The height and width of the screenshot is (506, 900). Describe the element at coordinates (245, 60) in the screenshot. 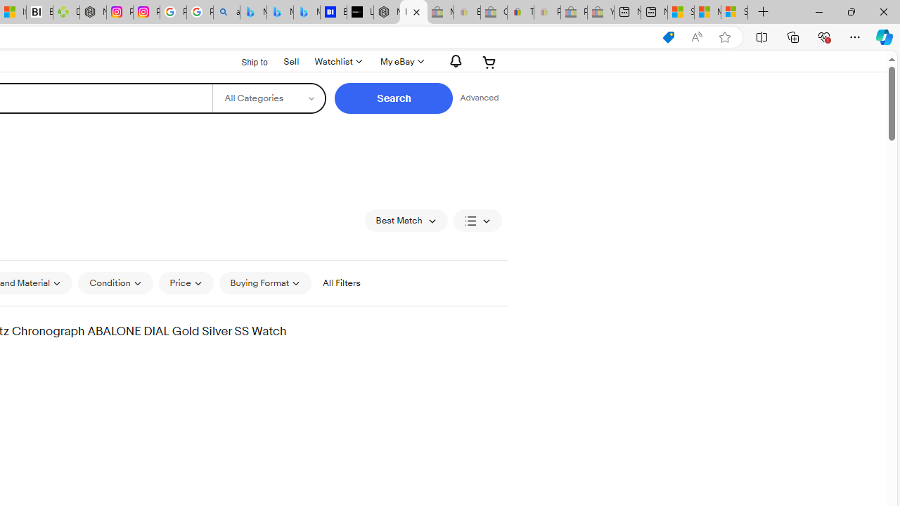

I see `'Ship to'` at that location.